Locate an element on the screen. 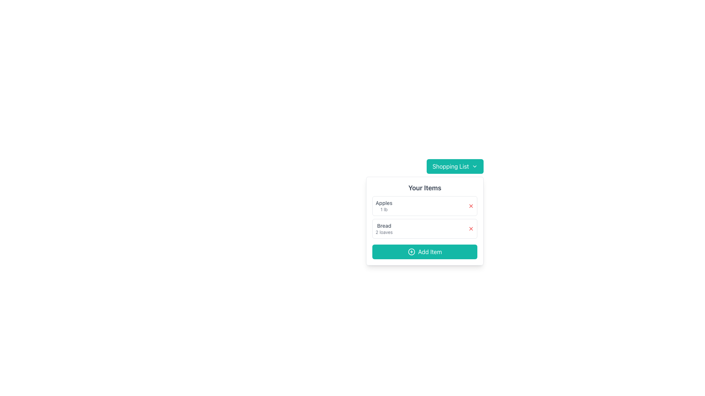 The image size is (705, 396). the red cross icon located in the top-right corner of the list item for 'Apples' weighing '1 lb' to potentially display a tooltip is located at coordinates (471, 206).